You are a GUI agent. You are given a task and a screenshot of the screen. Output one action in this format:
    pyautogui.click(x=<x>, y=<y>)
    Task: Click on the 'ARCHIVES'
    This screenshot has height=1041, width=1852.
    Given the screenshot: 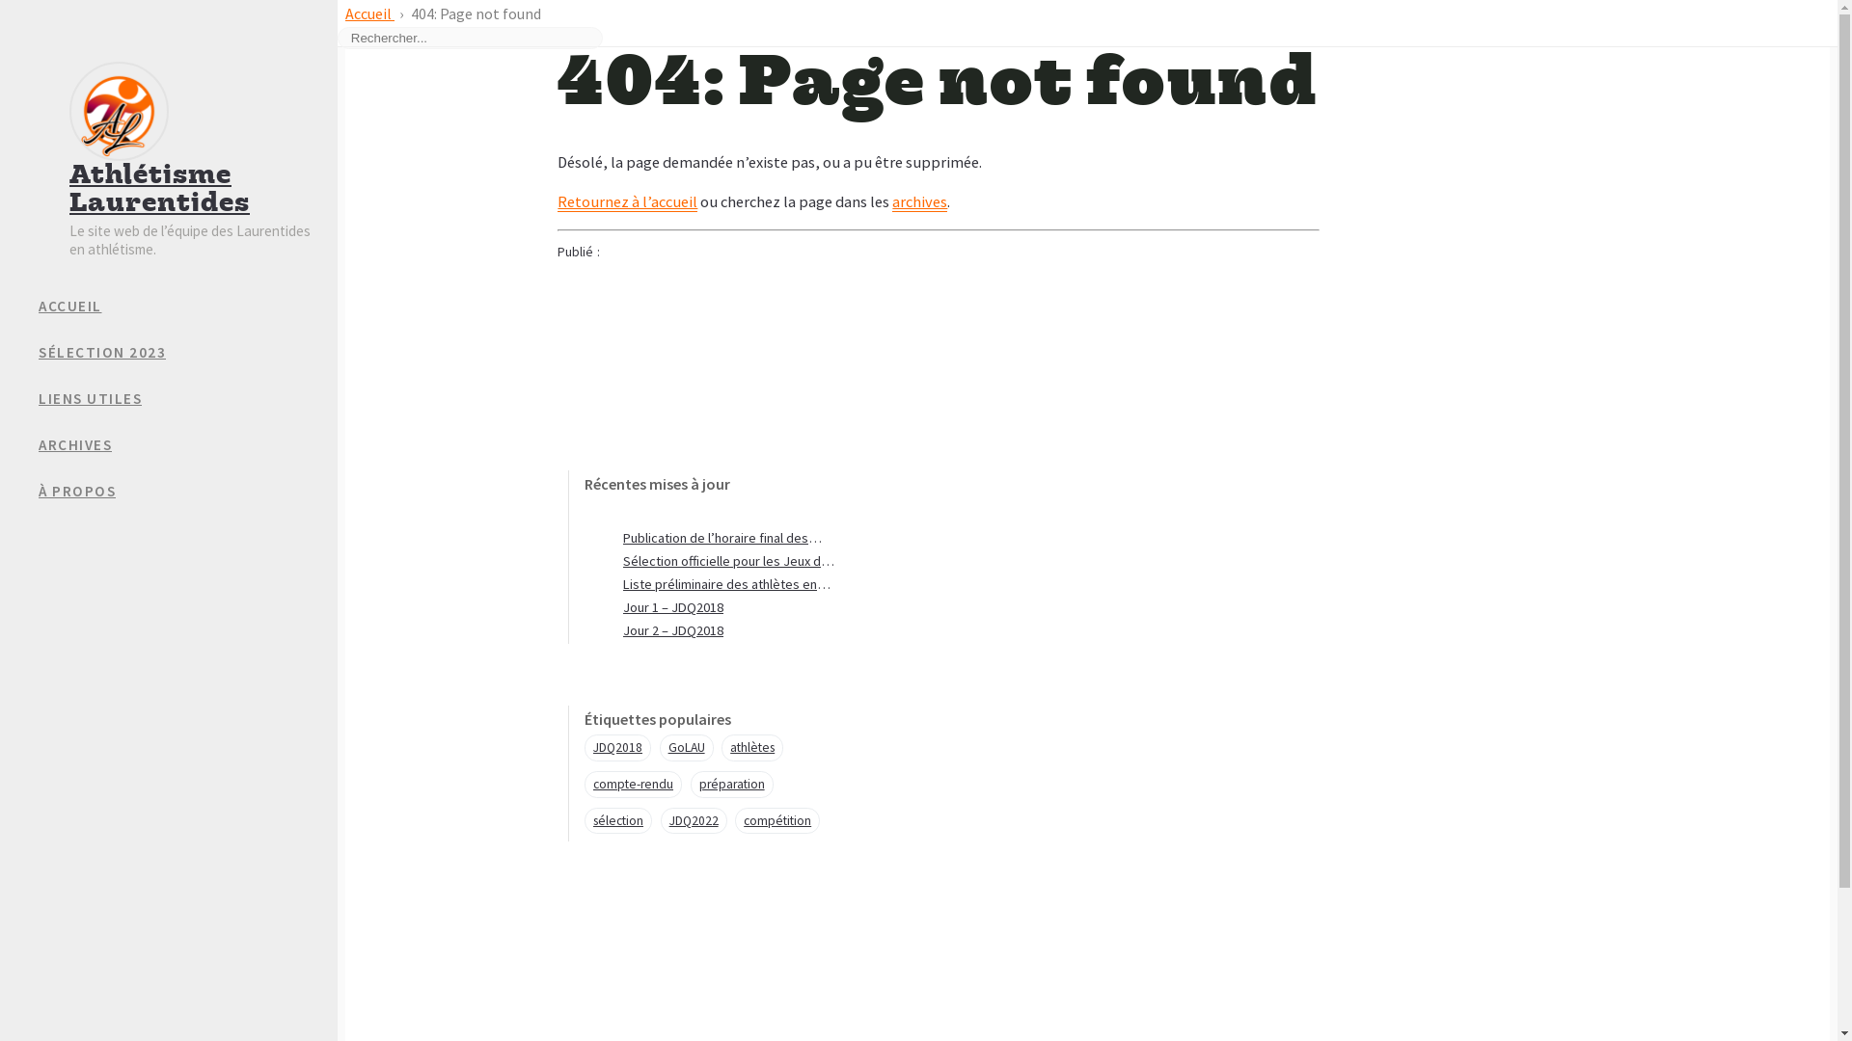 What is the action you would take?
    pyautogui.click(x=38, y=445)
    